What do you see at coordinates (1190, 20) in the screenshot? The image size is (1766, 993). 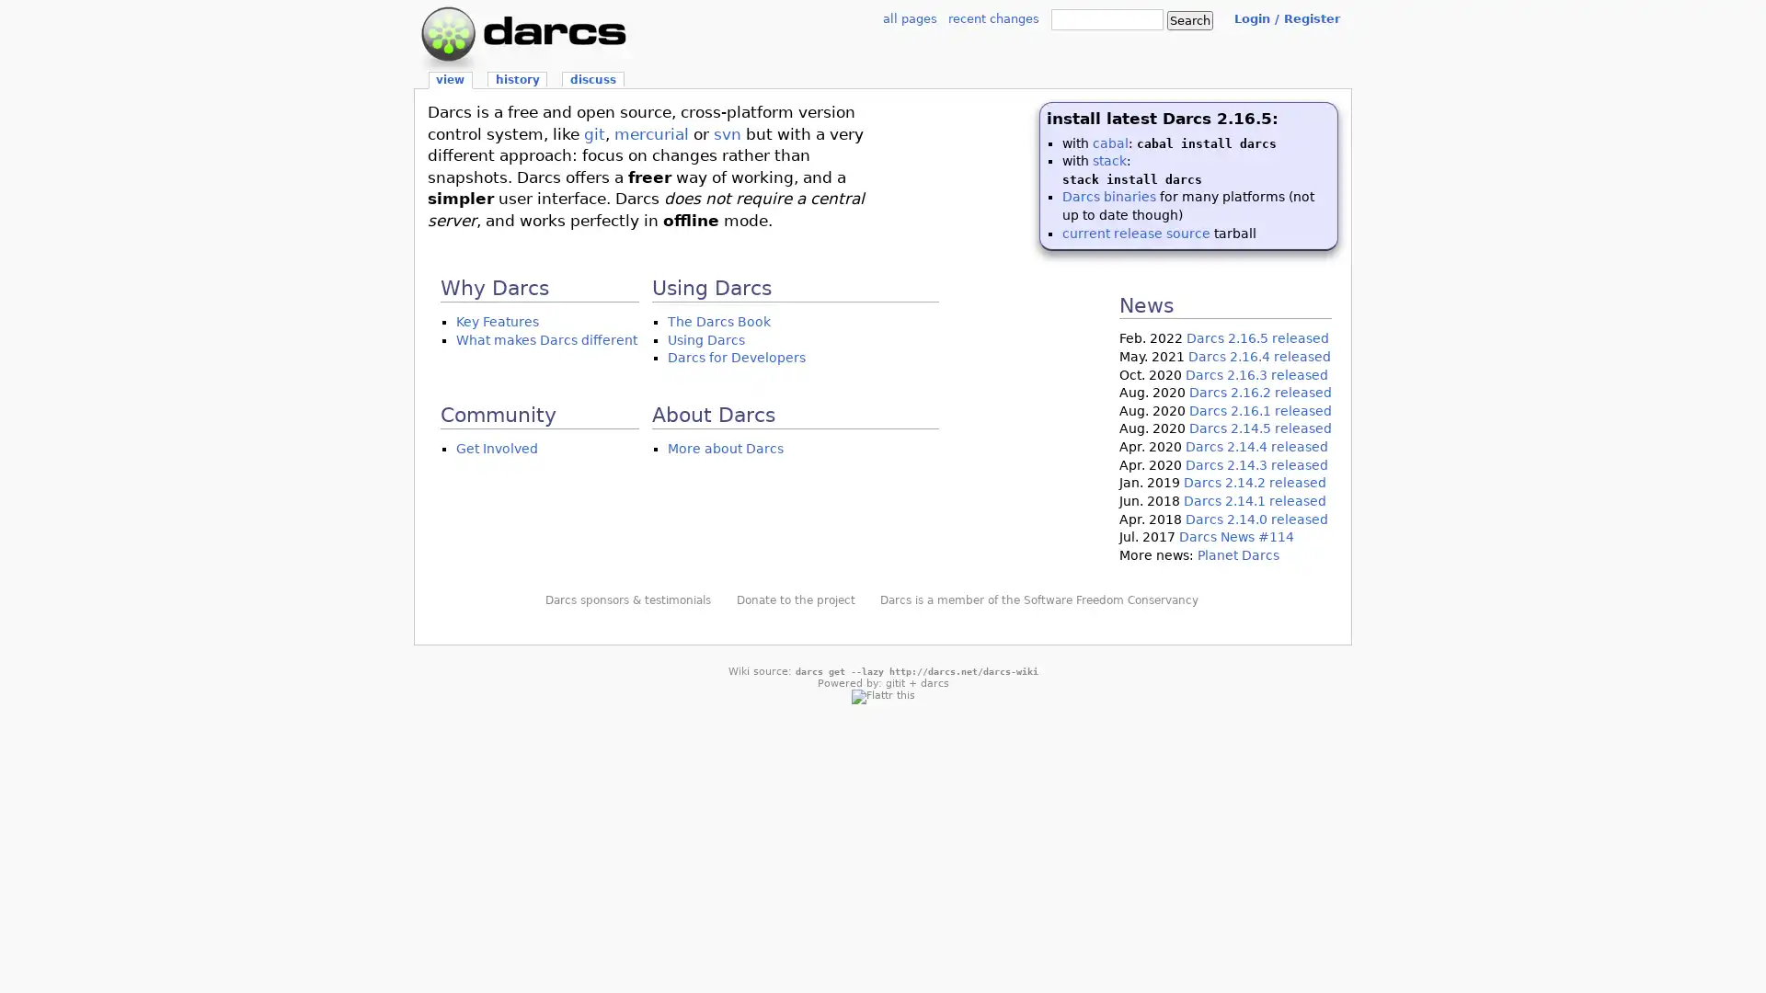 I see `Search` at bounding box center [1190, 20].